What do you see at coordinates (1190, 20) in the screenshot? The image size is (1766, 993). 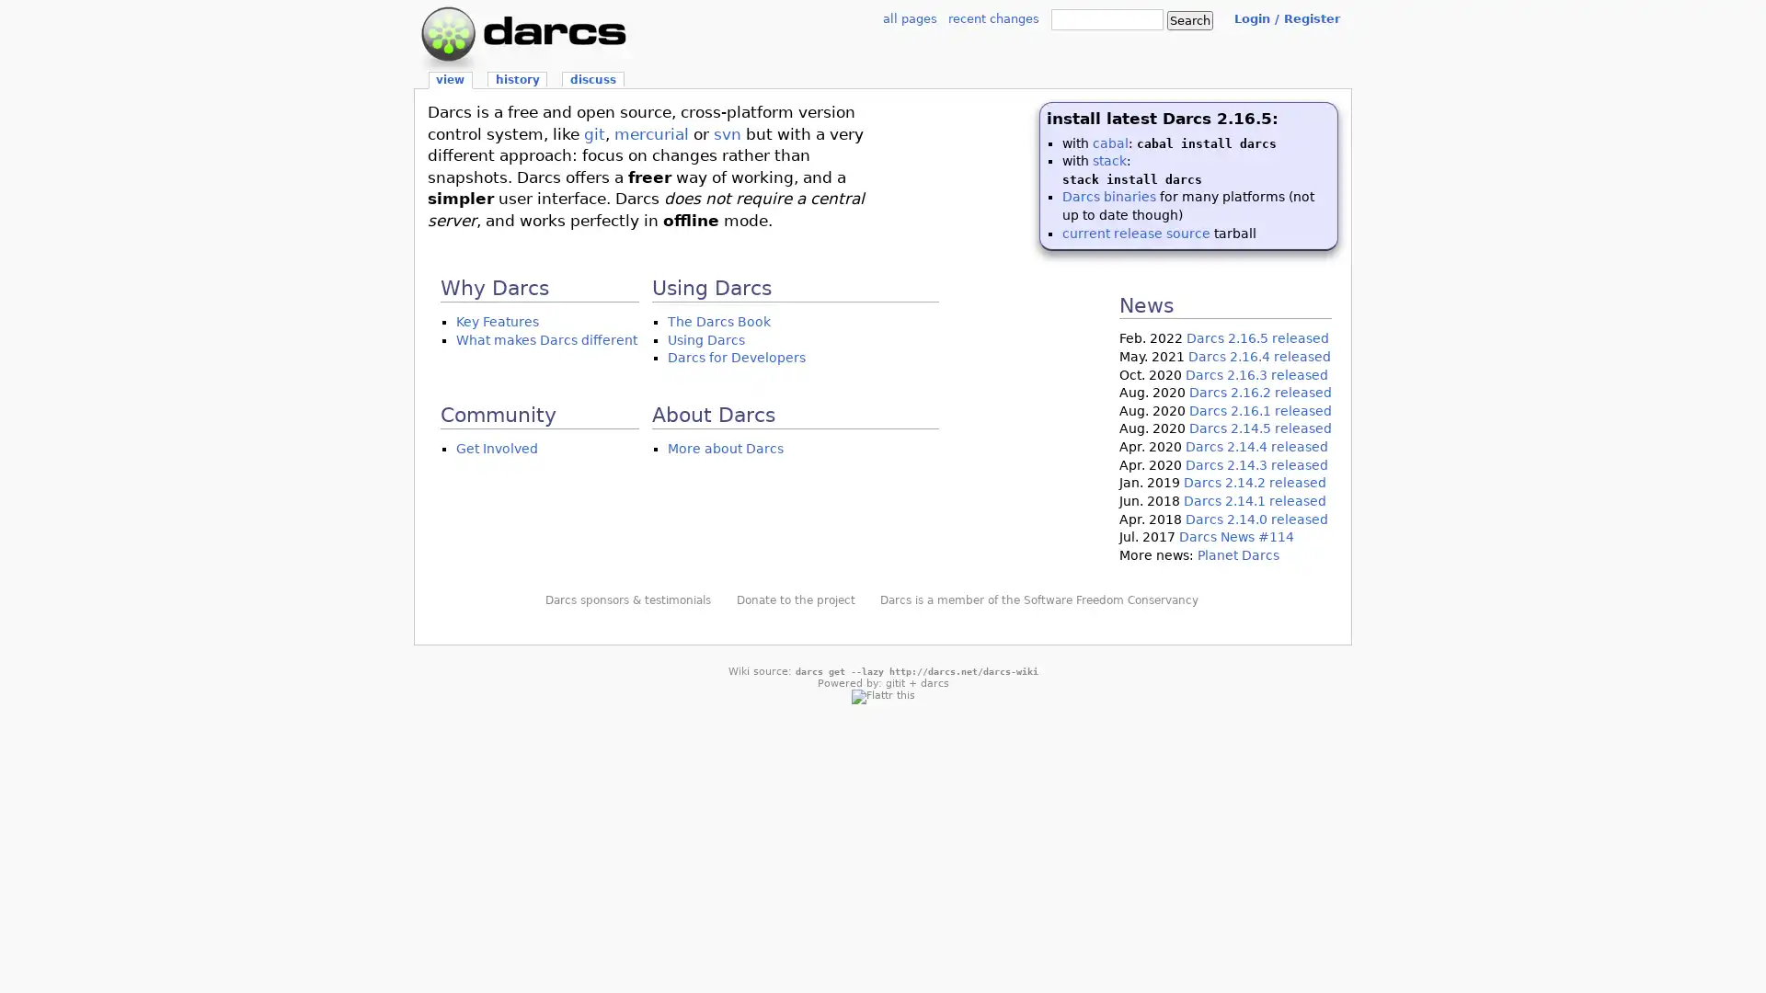 I see `Search` at bounding box center [1190, 20].